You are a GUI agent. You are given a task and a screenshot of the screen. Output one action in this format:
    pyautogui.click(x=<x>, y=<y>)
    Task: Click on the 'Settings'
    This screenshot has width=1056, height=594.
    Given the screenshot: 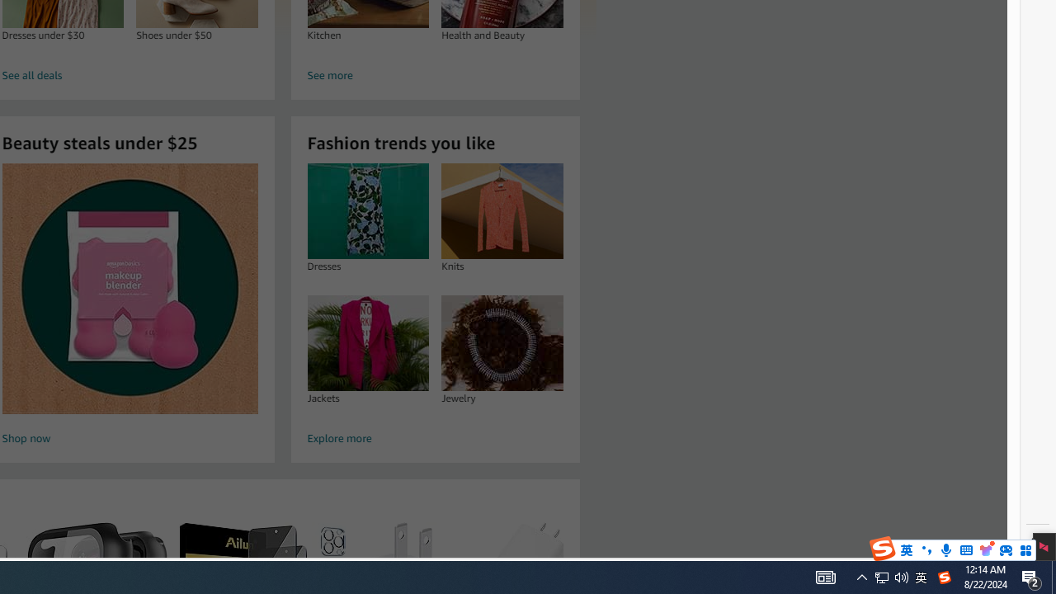 What is the action you would take?
    pyautogui.click(x=1037, y=543)
    